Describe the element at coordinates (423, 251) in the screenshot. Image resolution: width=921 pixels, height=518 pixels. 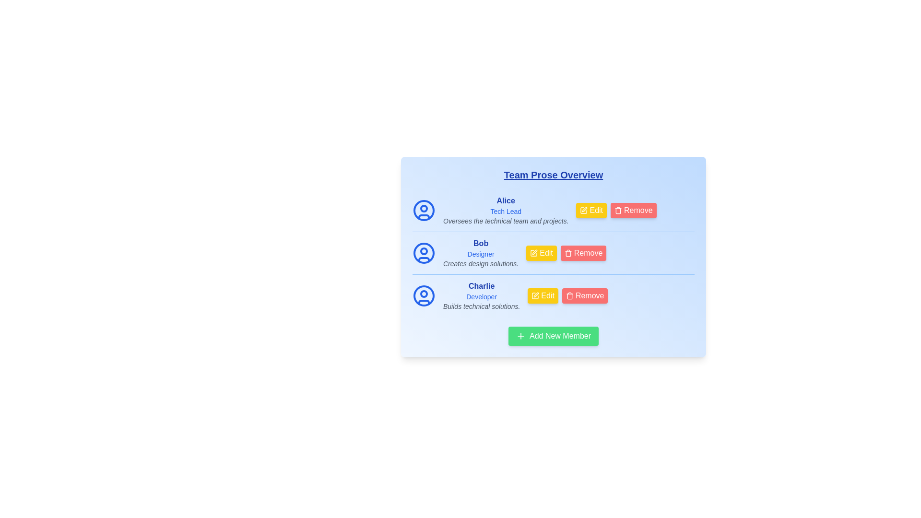
I see `the small blue circular decorative graphical element located within the user avatar SVG icon` at that location.